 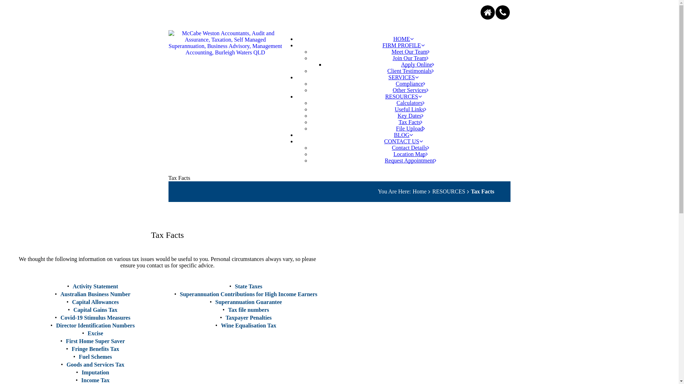 I want to click on 'Request Appointment', so click(x=410, y=160).